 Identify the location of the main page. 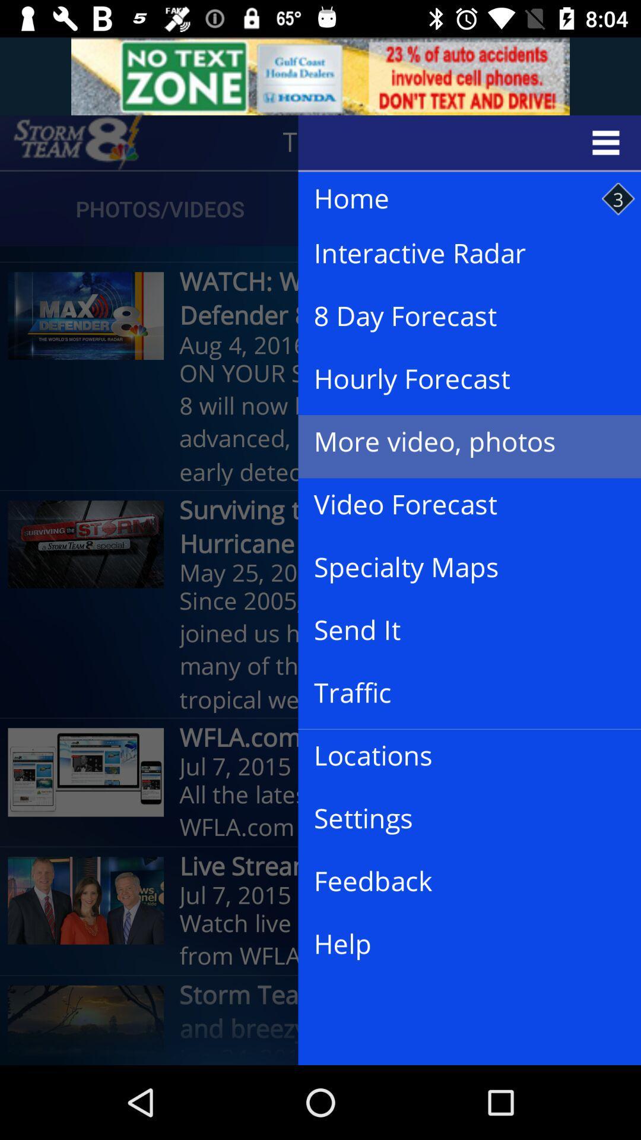
(78, 142).